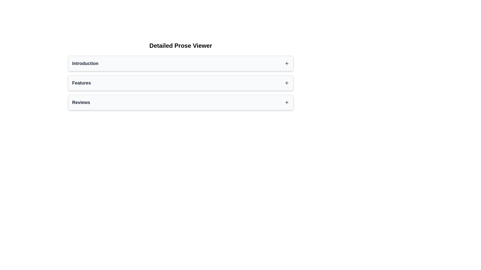 The image size is (481, 270). I want to click on the second item in the interactive list labeled 'Features' within the 'Detailed Prose Viewer', so click(180, 82).